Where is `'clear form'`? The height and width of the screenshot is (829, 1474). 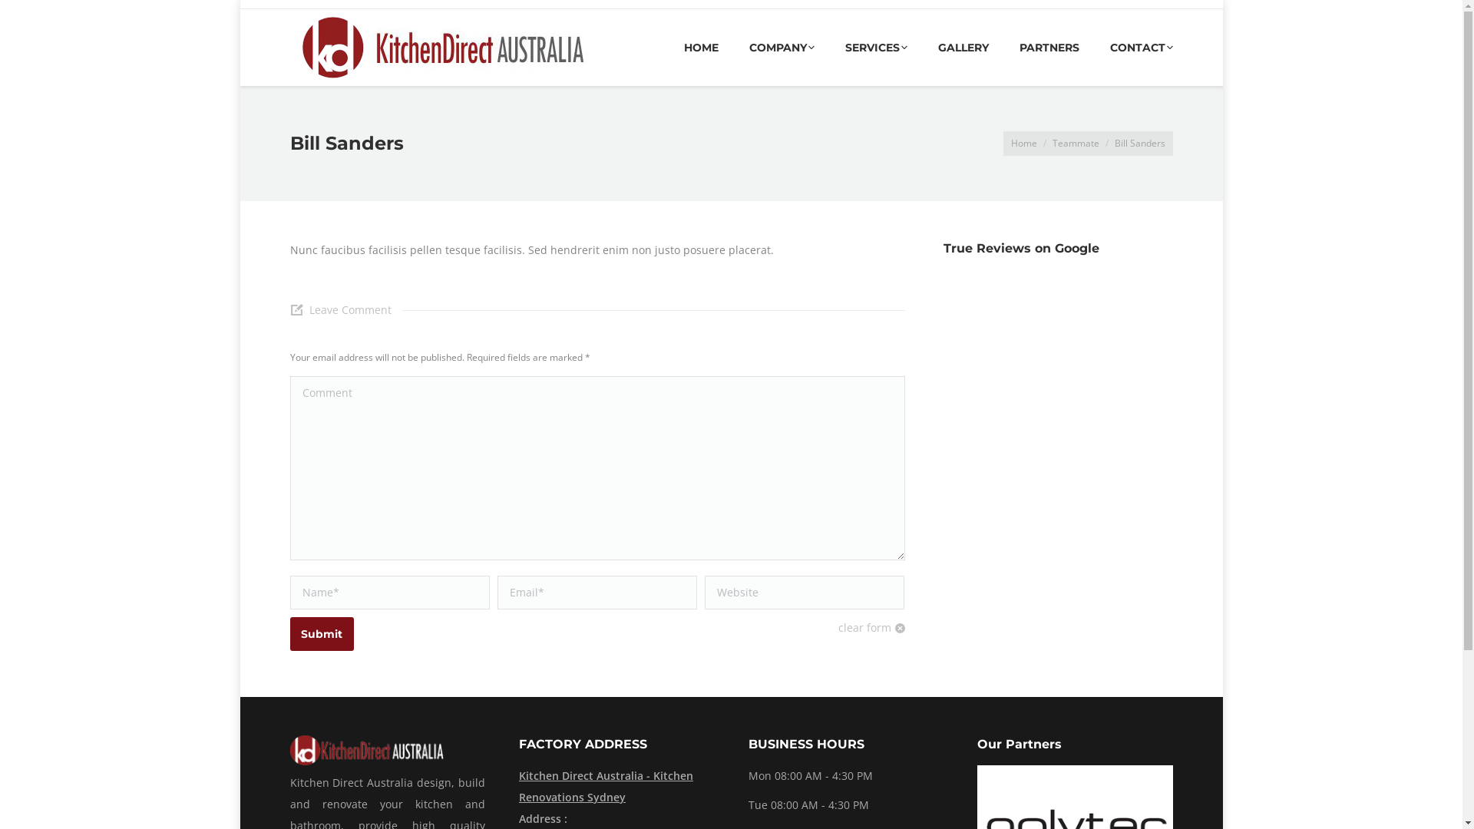
'clear form' is located at coordinates (871, 627).